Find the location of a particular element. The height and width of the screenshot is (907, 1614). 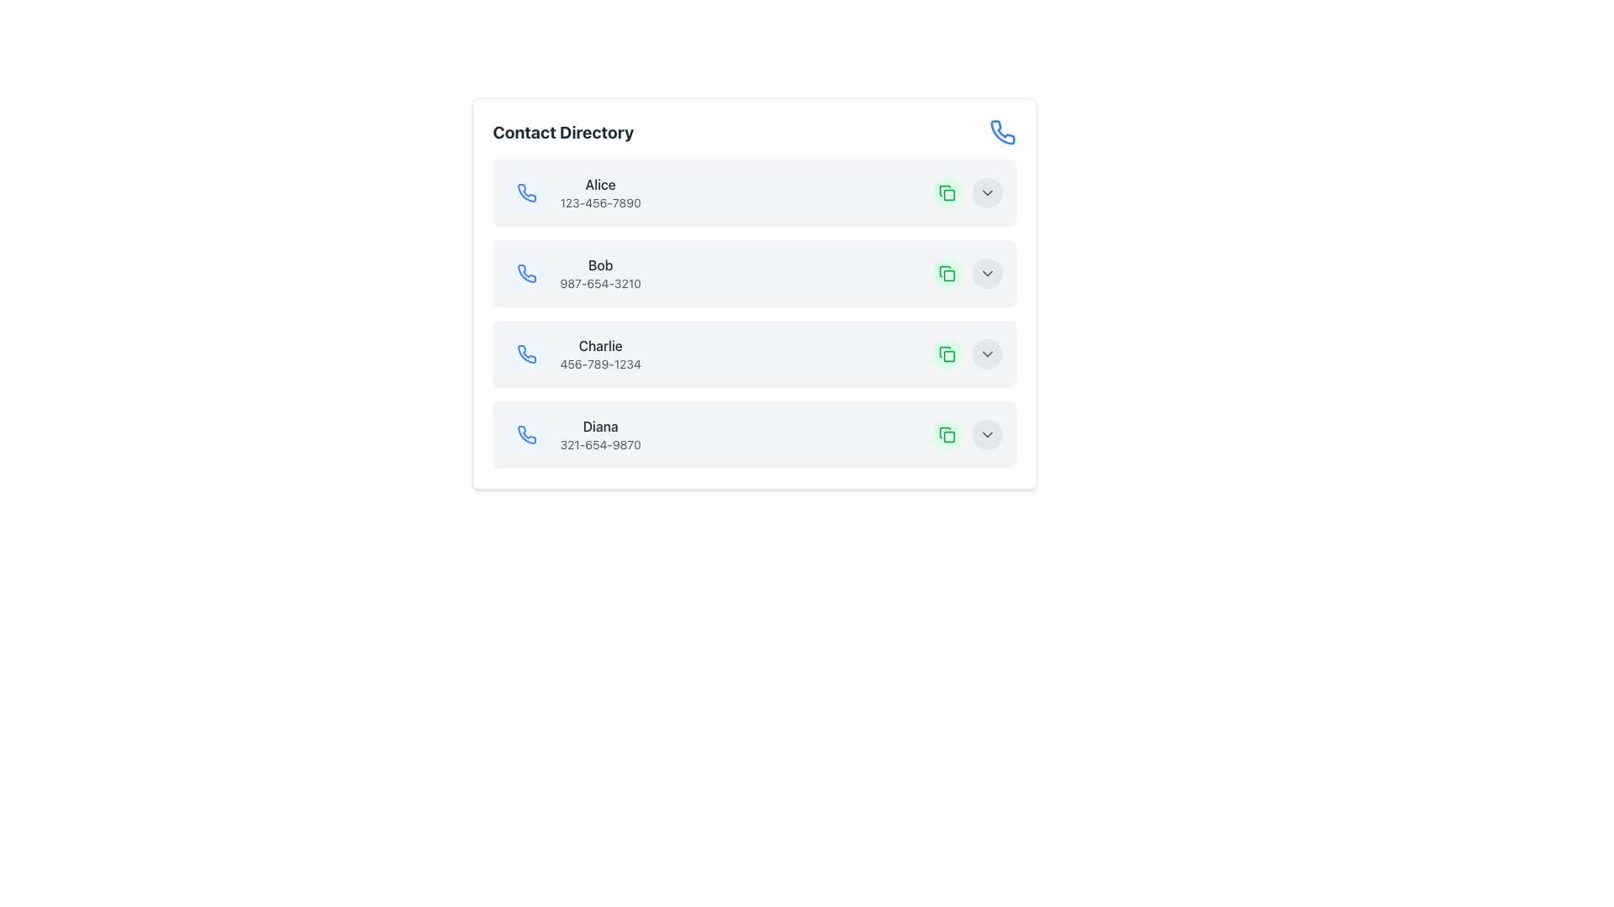

the status indicator button for the contact named 'Alice' located in the third column of the first row in the contact directory interface is located at coordinates (948, 194).